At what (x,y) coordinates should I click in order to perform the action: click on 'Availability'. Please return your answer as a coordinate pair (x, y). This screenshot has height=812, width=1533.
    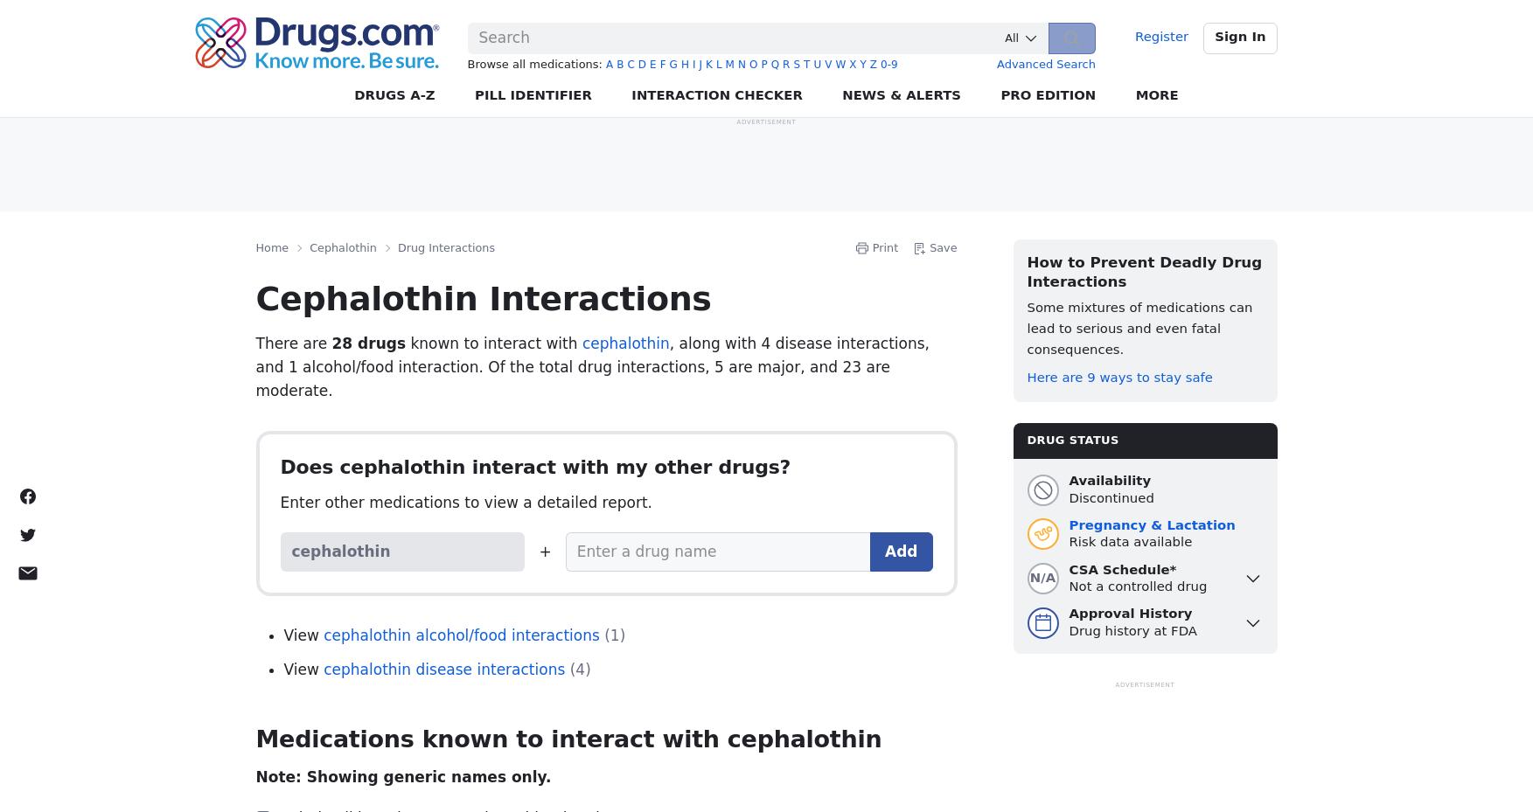
    Looking at the image, I should click on (1108, 480).